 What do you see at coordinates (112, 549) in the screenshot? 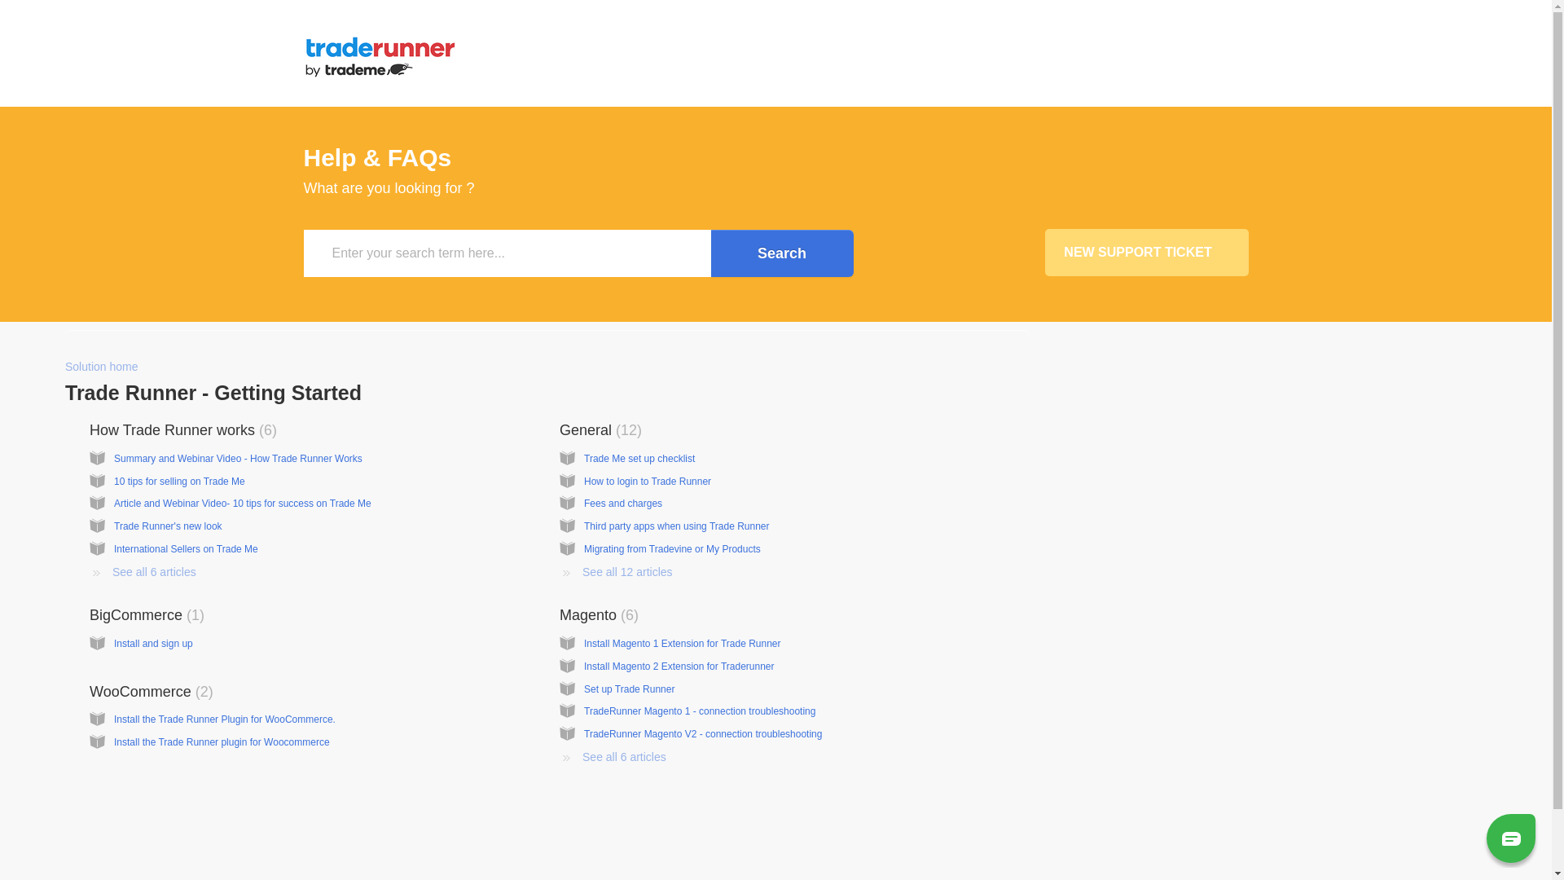
I see `'International Sellers on Trade Me'` at bounding box center [112, 549].